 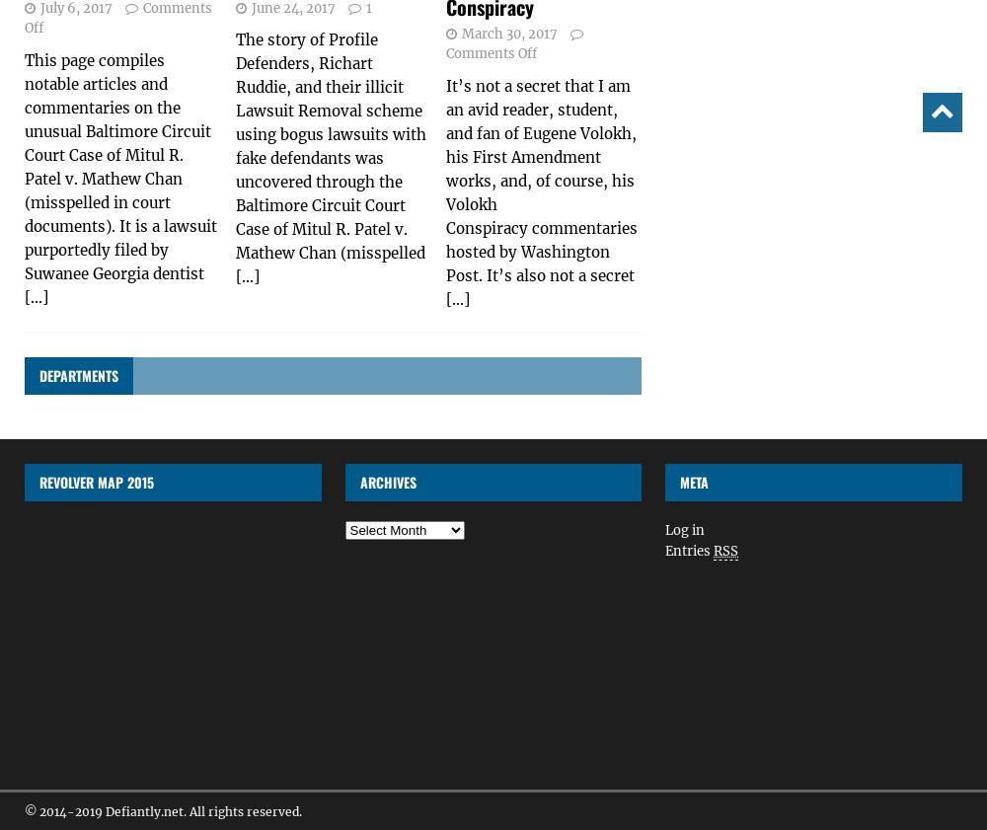 I want to click on 'Revolver Map 2015', so click(x=96, y=482).